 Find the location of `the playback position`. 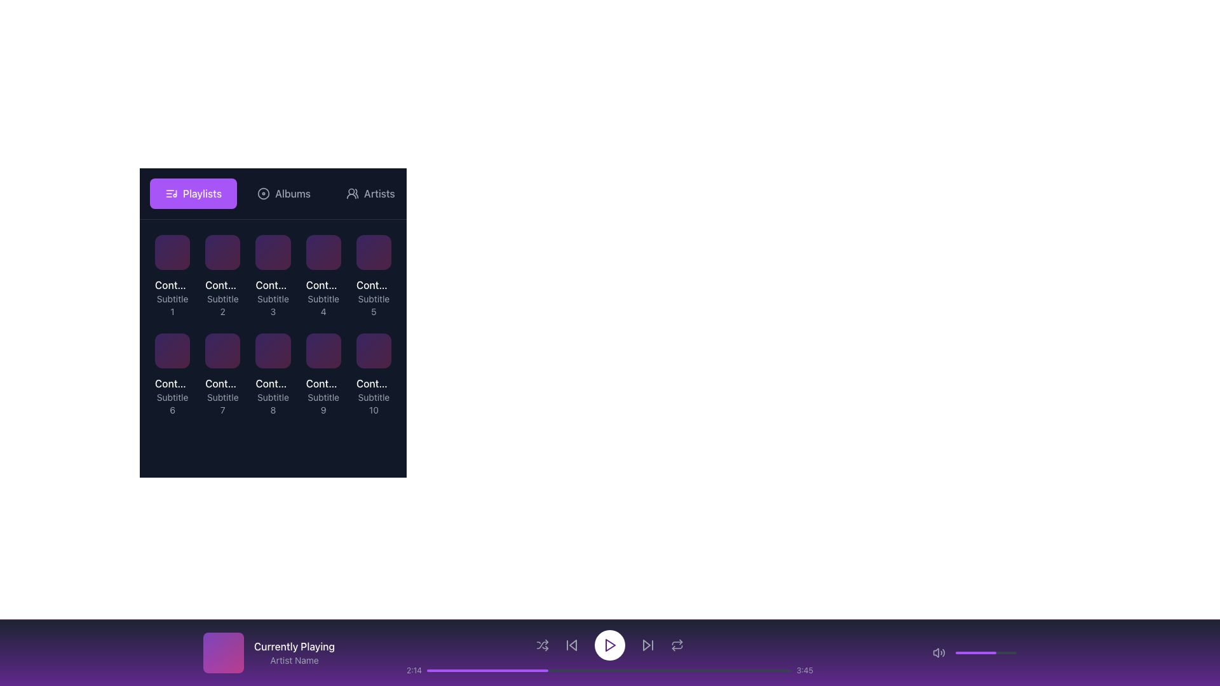

the playback position is located at coordinates (527, 670).